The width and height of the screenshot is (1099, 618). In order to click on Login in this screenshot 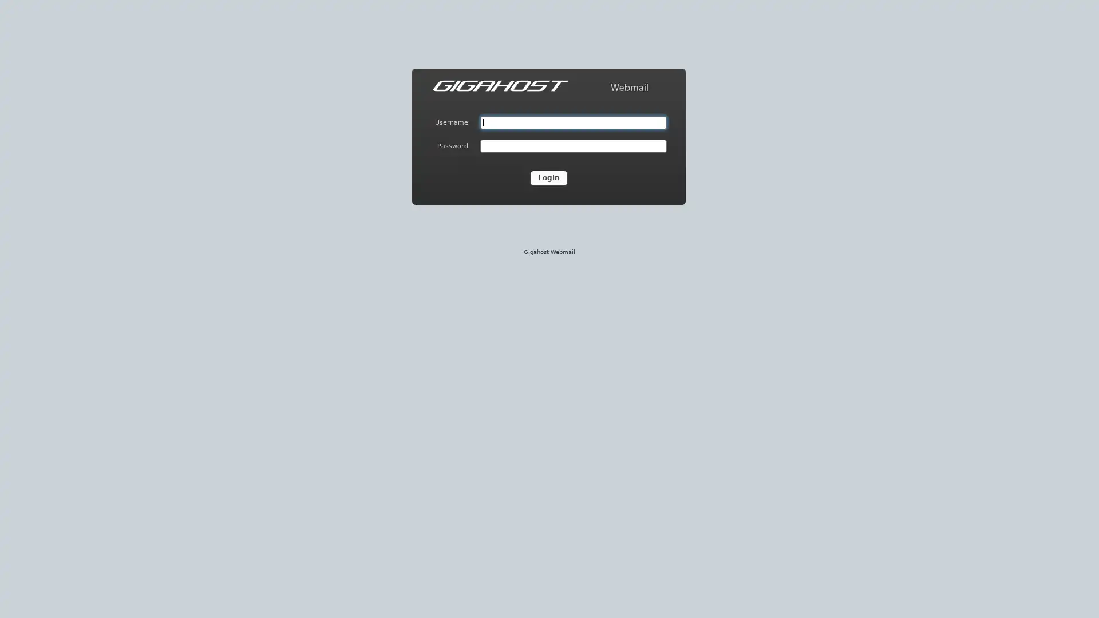, I will do `click(548, 178)`.